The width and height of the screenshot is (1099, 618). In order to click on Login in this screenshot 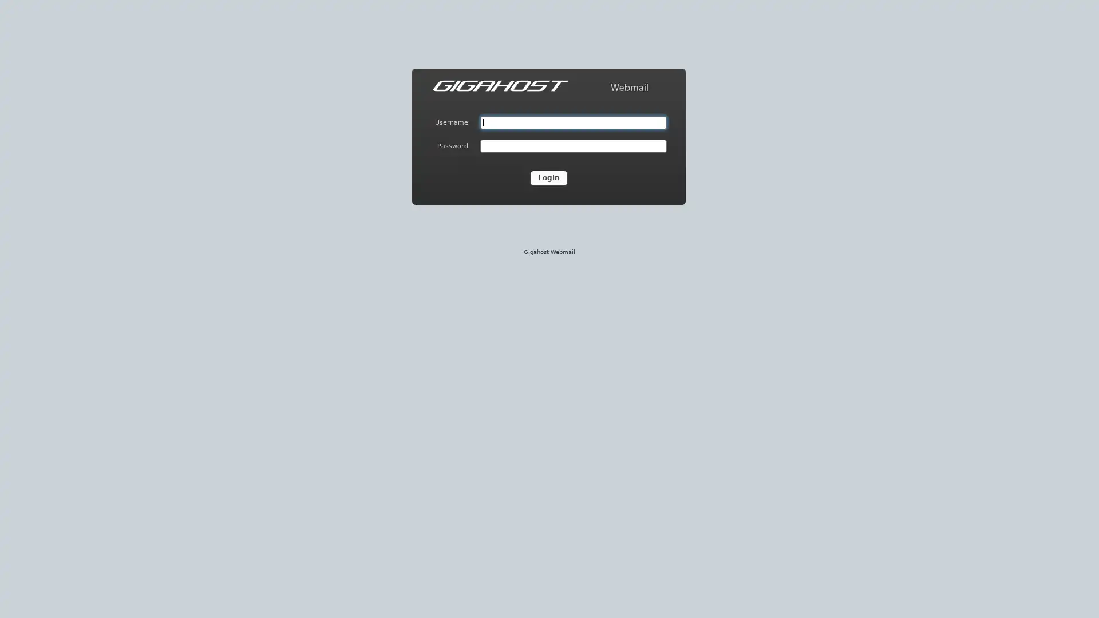, I will do `click(548, 178)`.